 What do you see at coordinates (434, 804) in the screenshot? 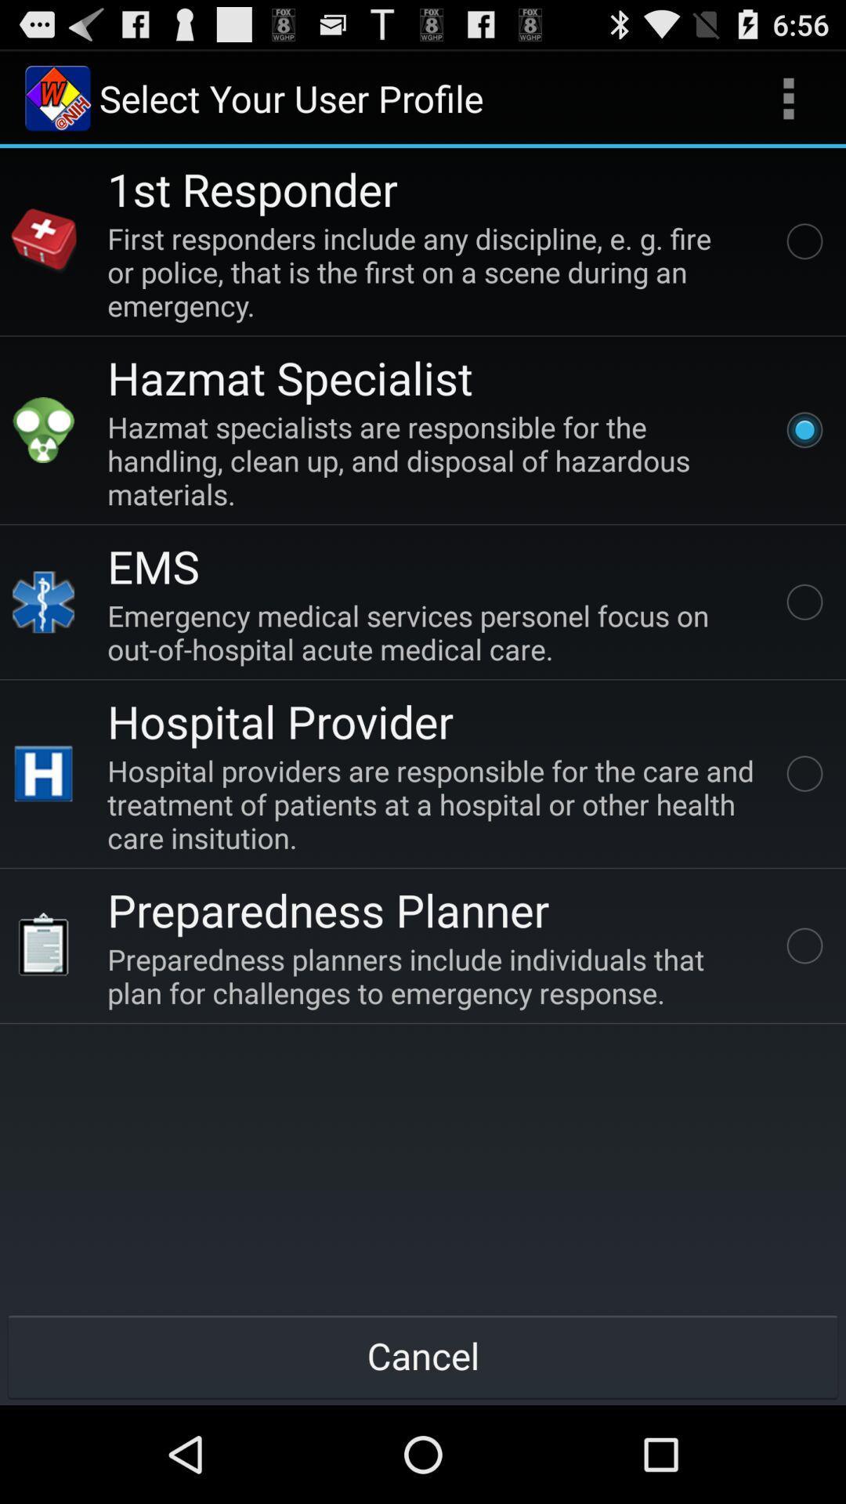
I see `the hospital providers are app` at bounding box center [434, 804].